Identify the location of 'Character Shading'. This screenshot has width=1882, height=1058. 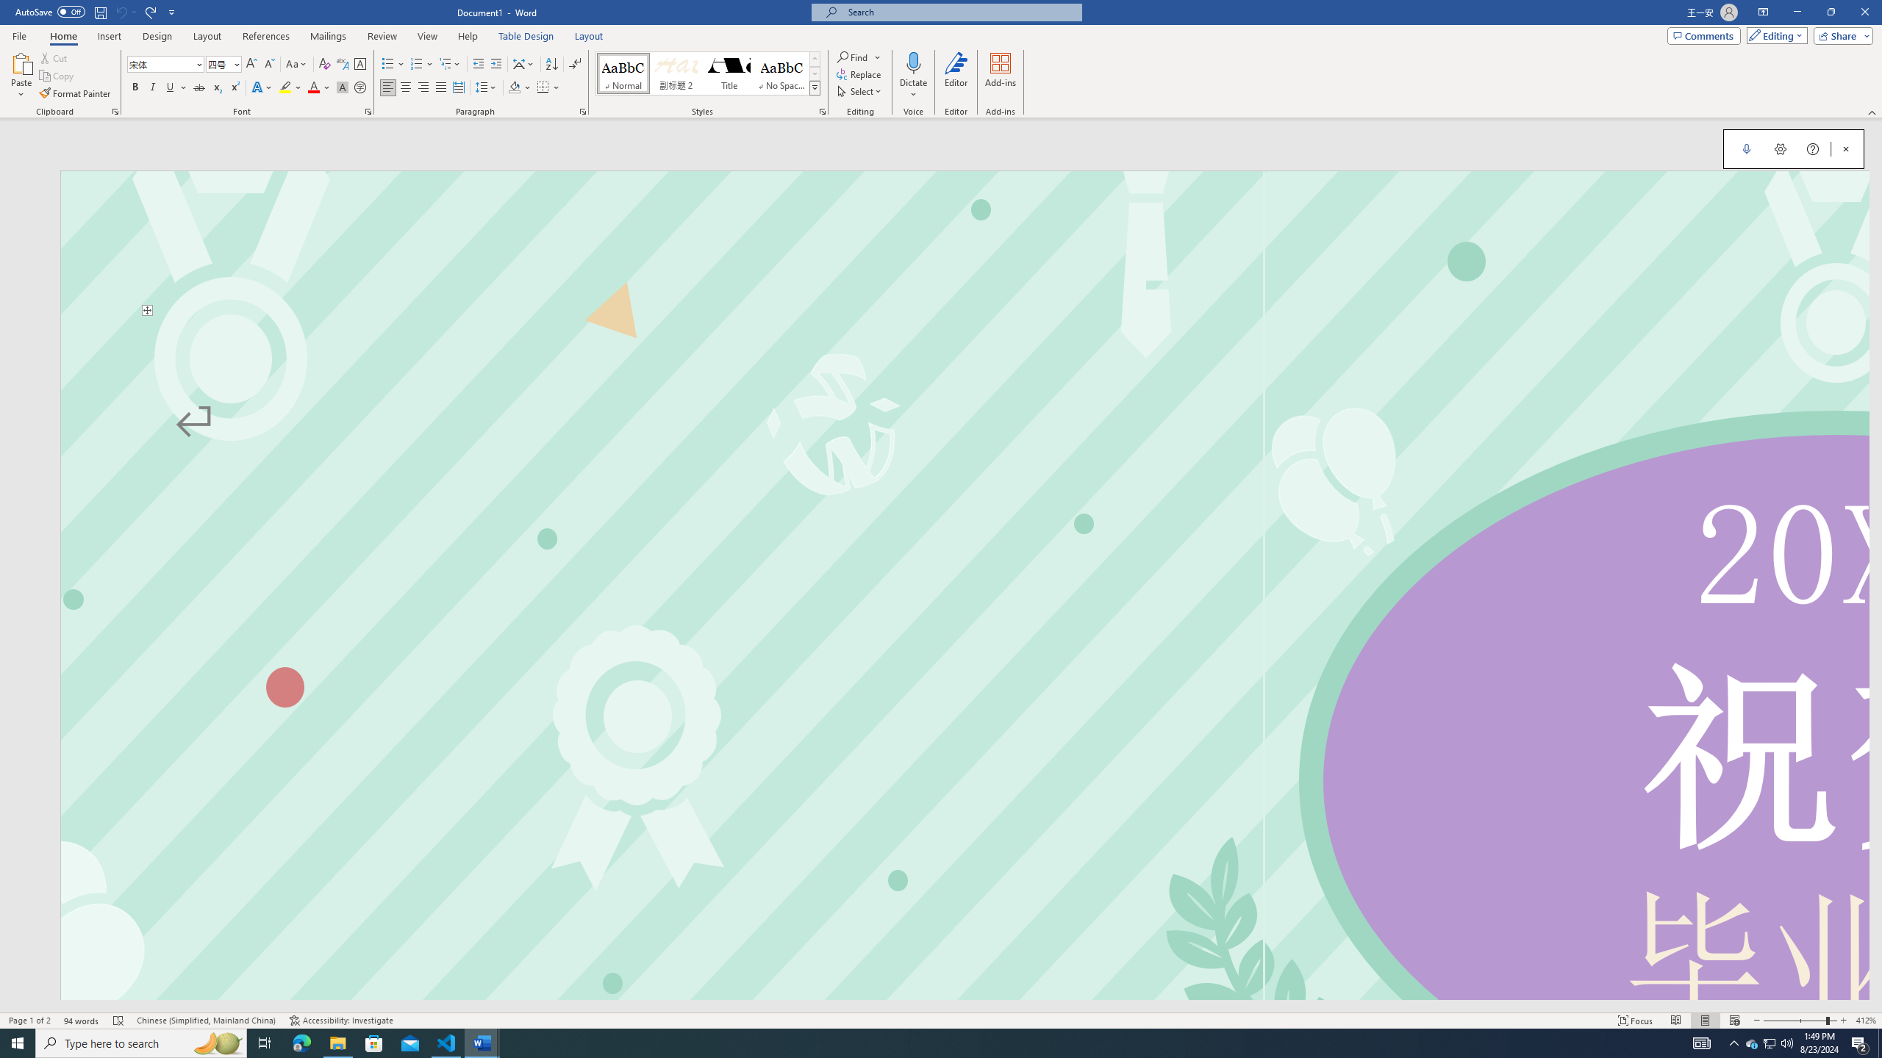
(341, 87).